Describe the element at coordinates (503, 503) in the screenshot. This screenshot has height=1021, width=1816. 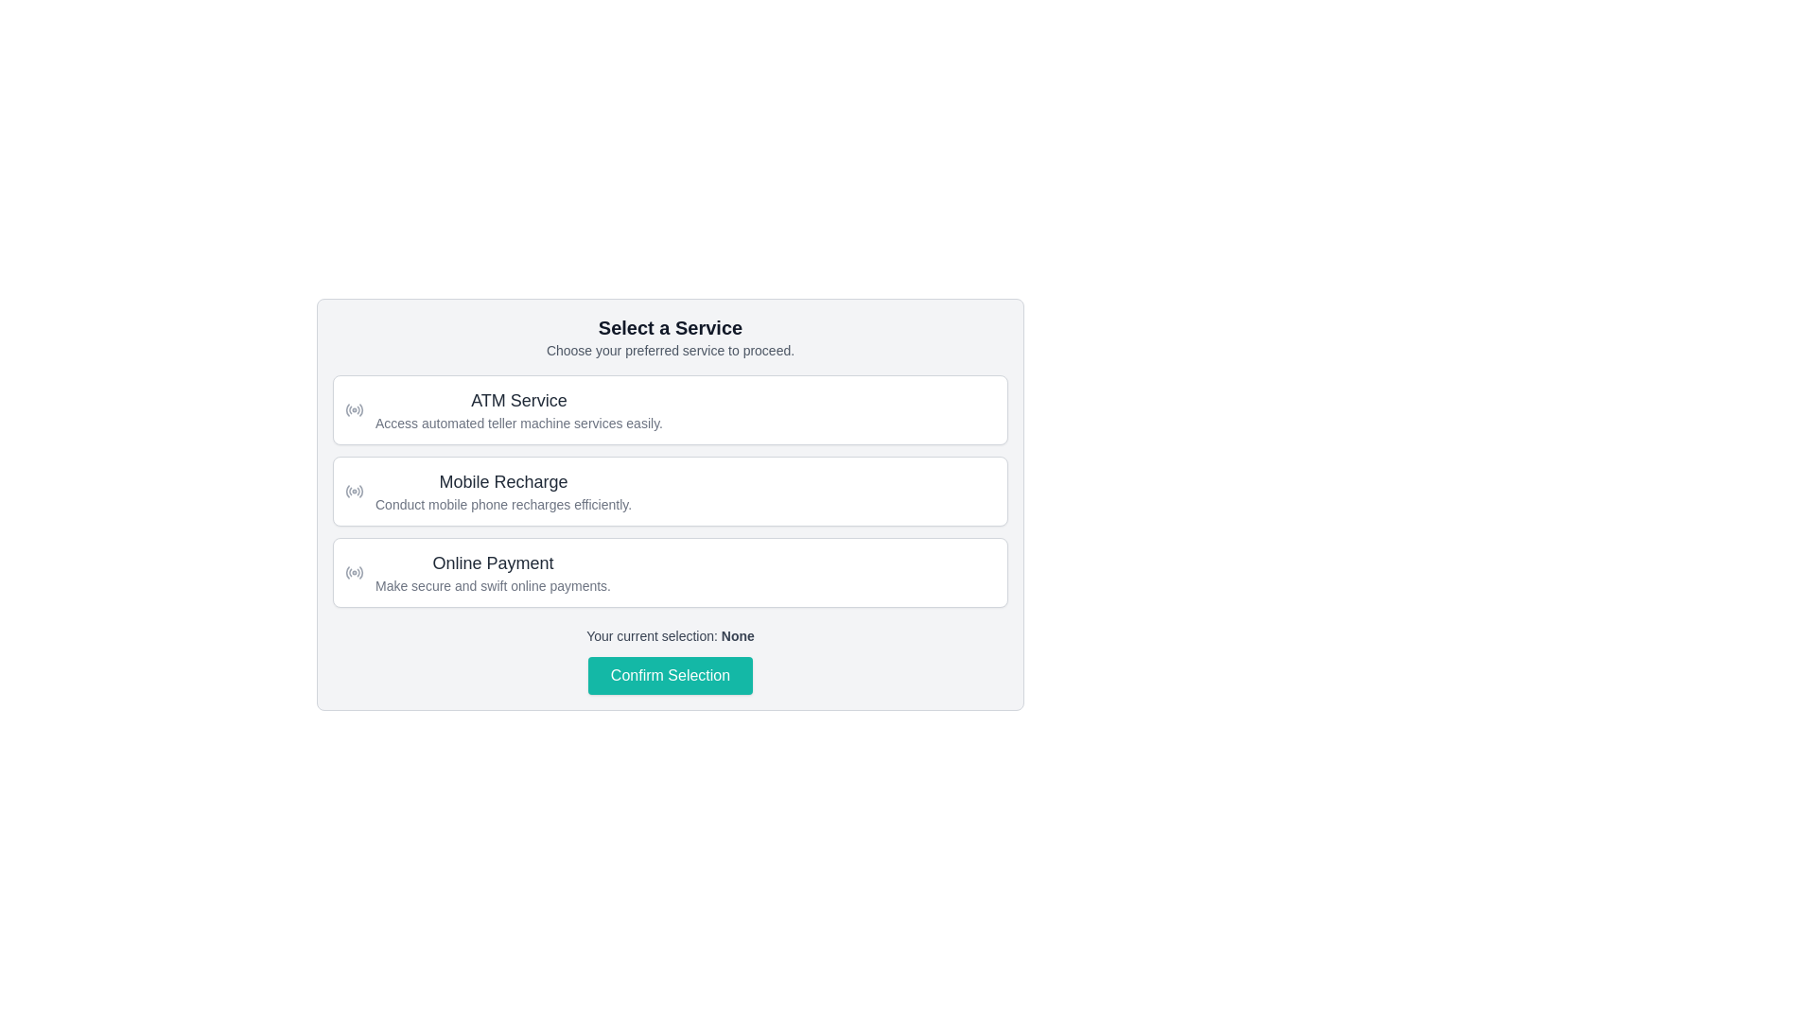
I see `the descriptive text 'Conduct mobile phone recharges efficiently.' located below the title 'Mobile Recharge' in the card-like user interface` at that location.